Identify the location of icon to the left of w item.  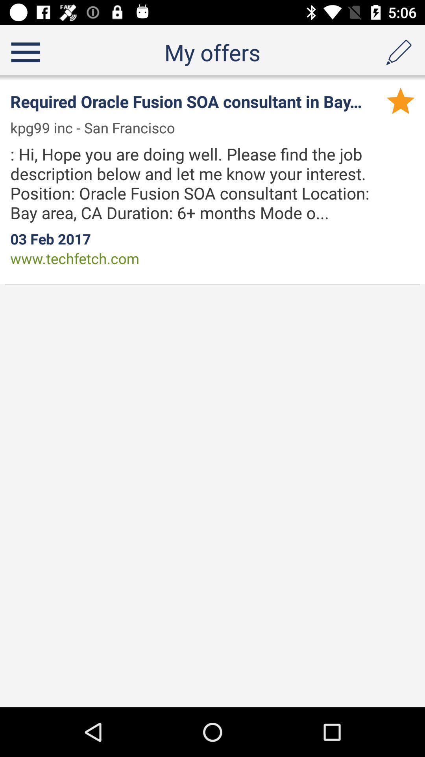
(97, 128).